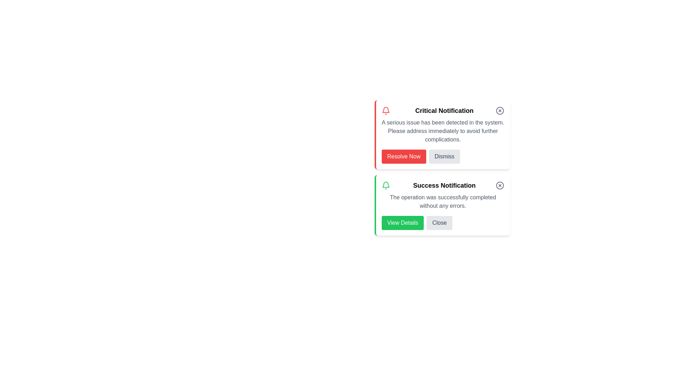 The height and width of the screenshot is (381, 678). What do you see at coordinates (442, 201) in the screenshot?
I see `the success message text display element located within the 'Success Notification' card, positioned below the title 'Success Notification'` at bounding box center [442, 201].